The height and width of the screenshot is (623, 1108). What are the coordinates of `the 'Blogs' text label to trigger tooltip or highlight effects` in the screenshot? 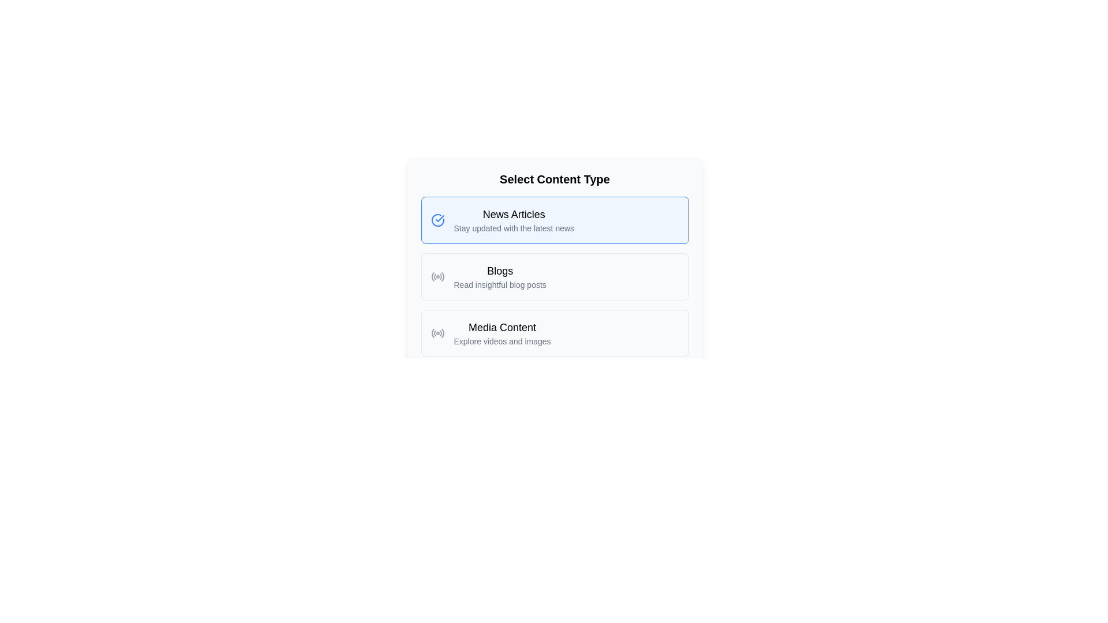 It's located at (500, 271).